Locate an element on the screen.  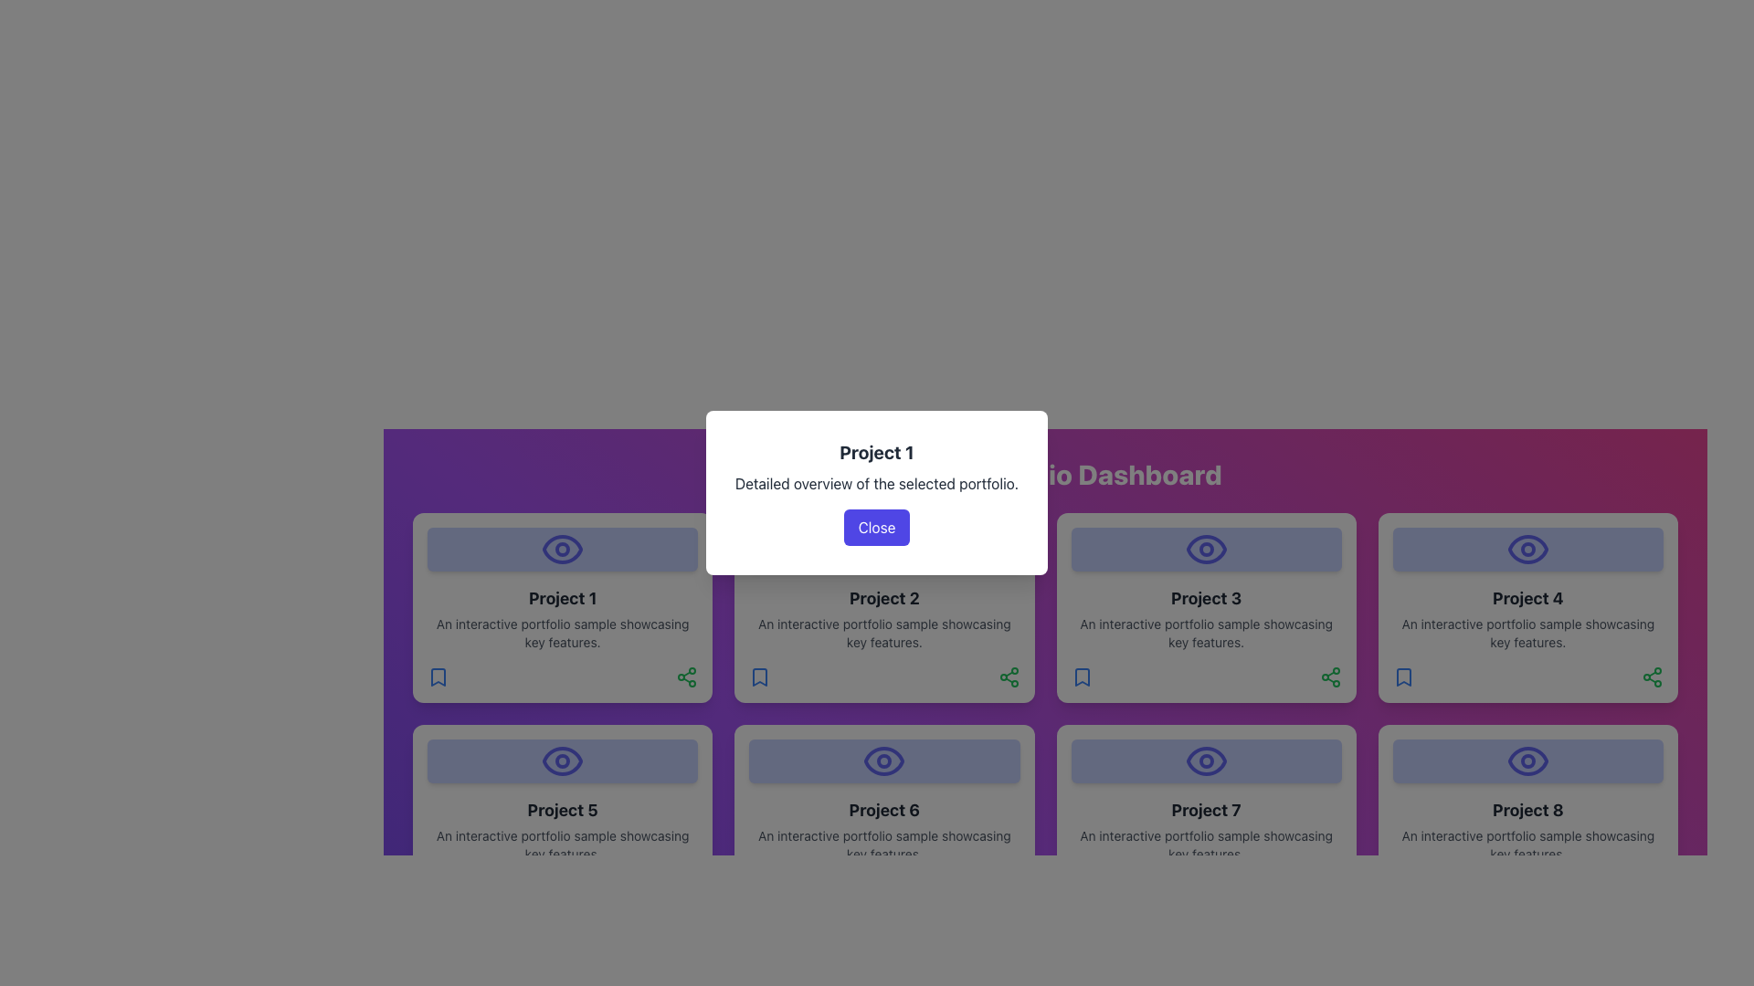
the circular pupil element of the eye icon within the 'Project 1' card located at the top-left corner of the grid layout is located at coordinates (562, 548).